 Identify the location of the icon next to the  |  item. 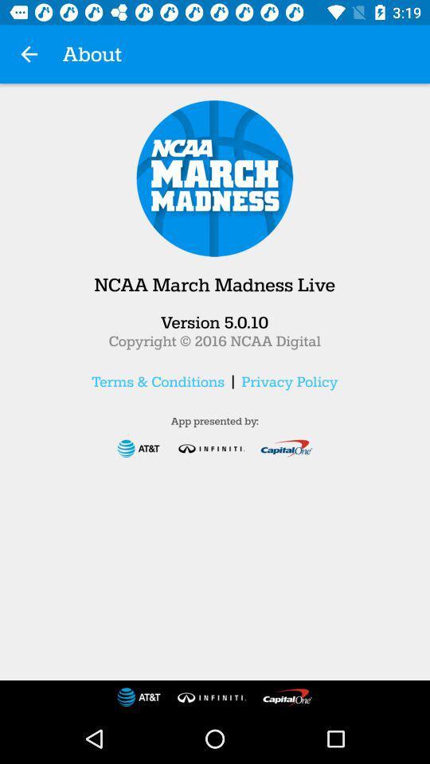
(158, 381).